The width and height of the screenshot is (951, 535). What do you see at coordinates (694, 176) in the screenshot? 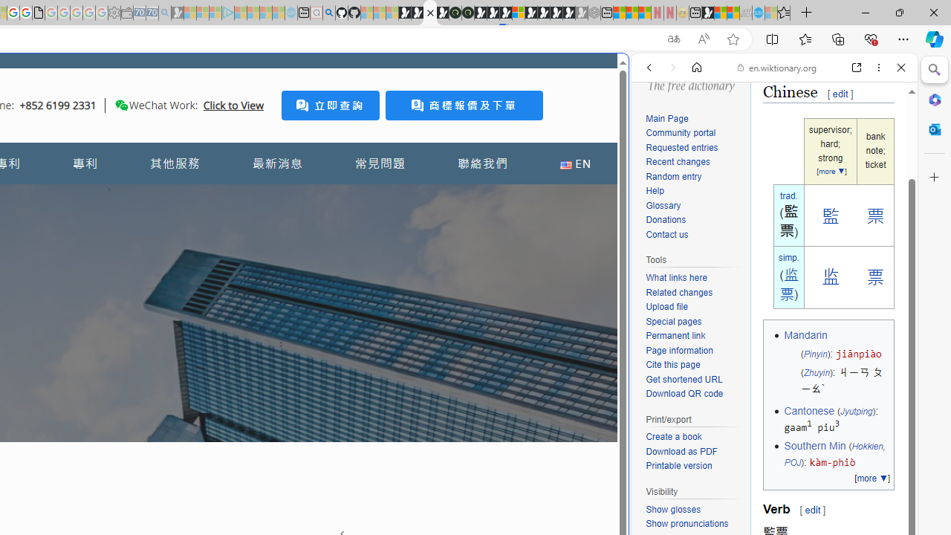
I see `'Random entry'` at bounding box center [694, 176].